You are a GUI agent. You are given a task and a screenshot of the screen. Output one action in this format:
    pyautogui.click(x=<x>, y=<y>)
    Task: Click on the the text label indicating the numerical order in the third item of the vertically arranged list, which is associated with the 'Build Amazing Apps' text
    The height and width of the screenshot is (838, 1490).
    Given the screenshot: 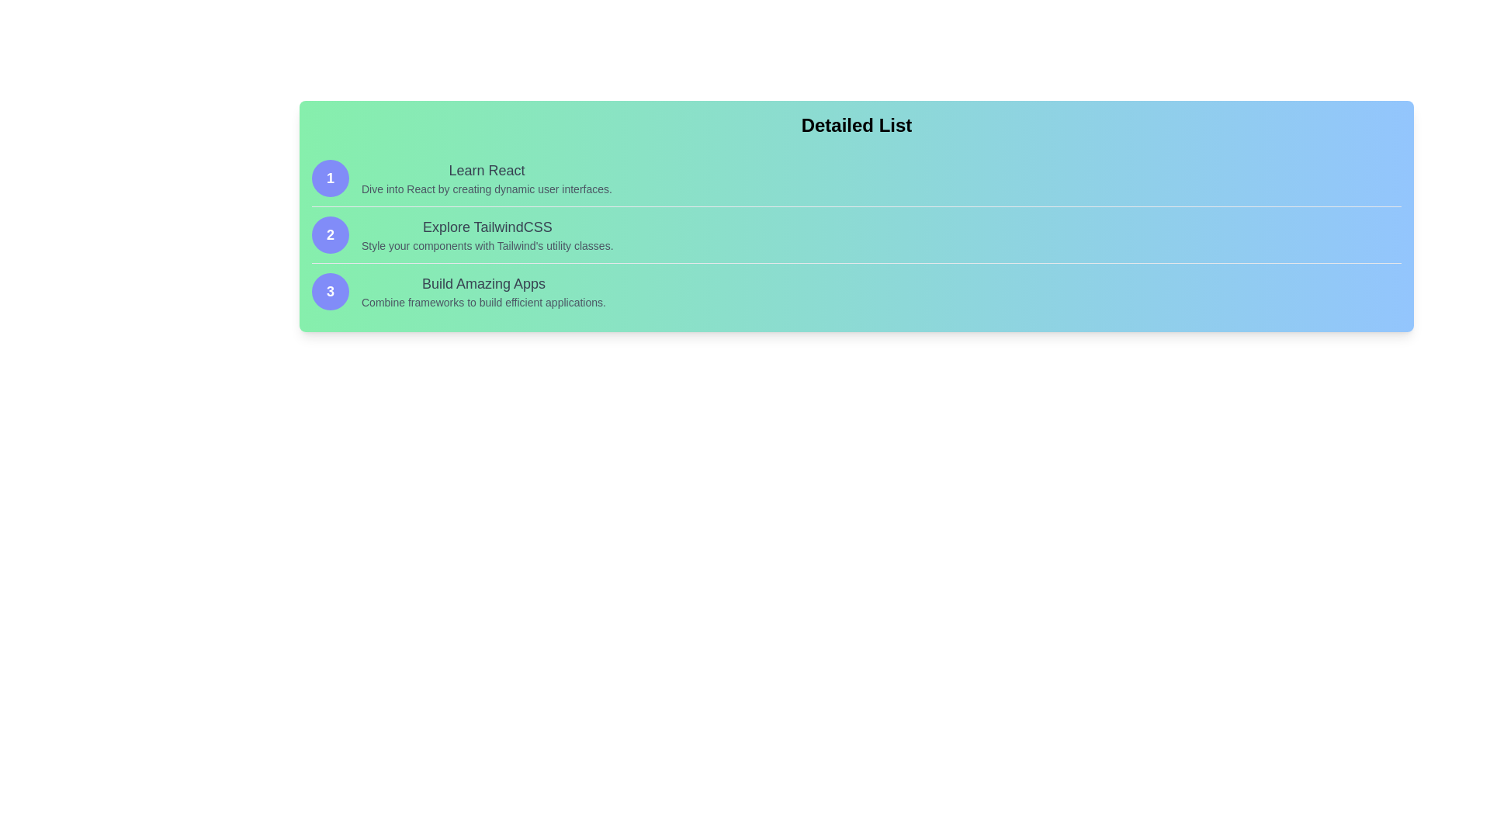 What is the action you would take?
    pyautogui.click(x=330, y=291)
    